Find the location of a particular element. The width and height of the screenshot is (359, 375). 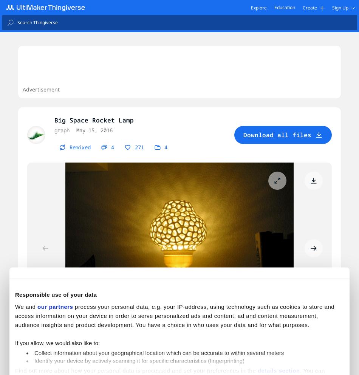

'Advertisement' is located at coordinates (41, 89).